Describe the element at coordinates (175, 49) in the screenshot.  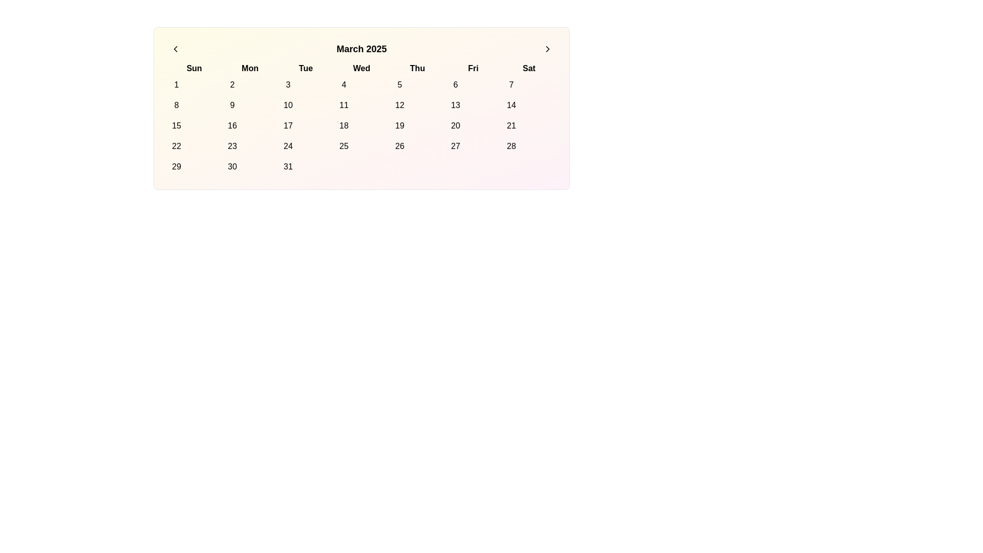
I see `the chevron icon located in the header section of the calendar interface` at that location.